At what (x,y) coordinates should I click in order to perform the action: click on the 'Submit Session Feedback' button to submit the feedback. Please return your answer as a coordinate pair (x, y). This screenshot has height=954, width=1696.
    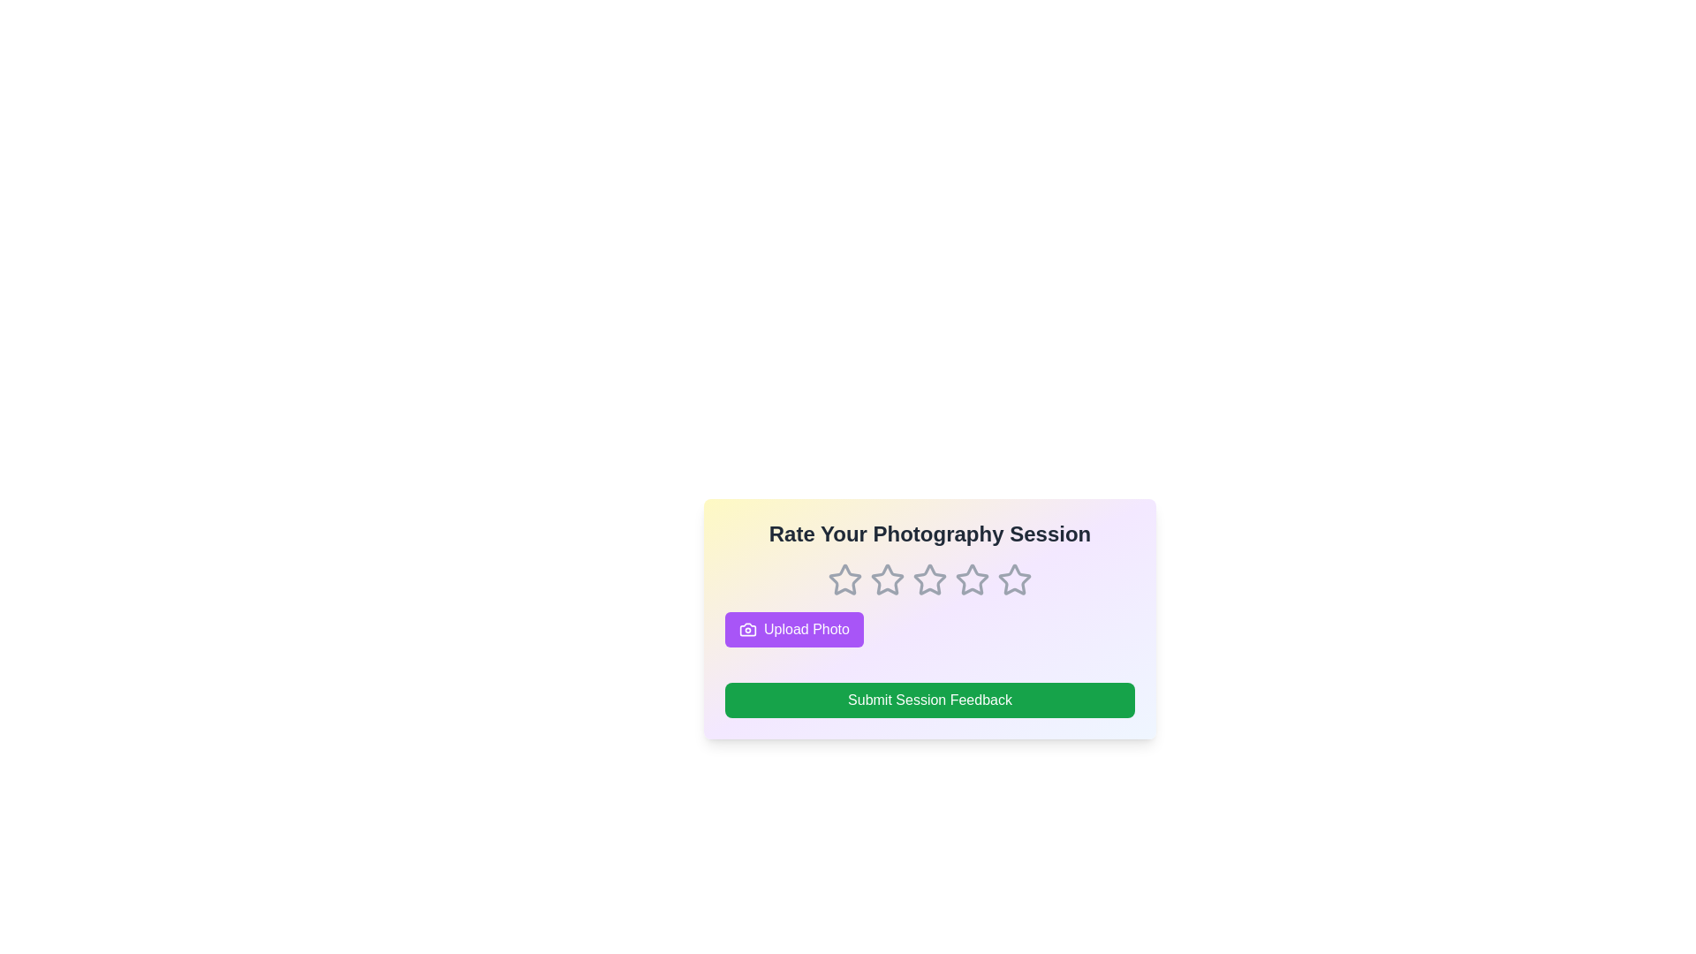
    Looking at the image, I should click on (928, 700).